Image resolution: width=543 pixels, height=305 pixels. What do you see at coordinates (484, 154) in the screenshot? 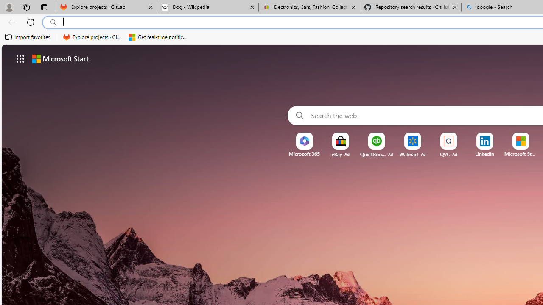
I see `'LinkedIn'` at bounding box center [484, 154].